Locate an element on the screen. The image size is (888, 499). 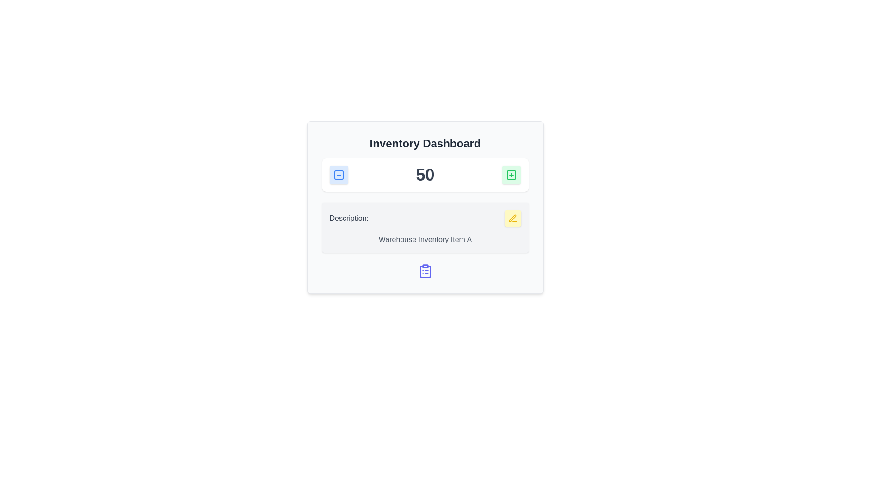
the decrement button located on the left side of the numerical display ('50') is located at coordinates (338, 175).